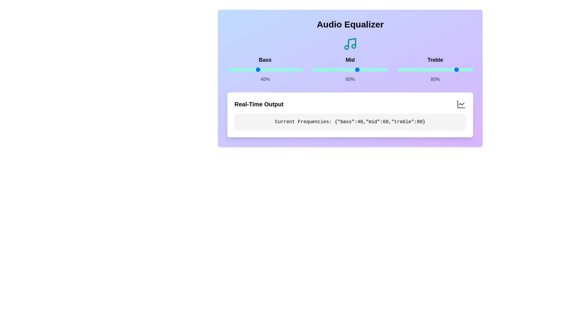 Image resolution: width=567 pixels, height=319 pixels. Describe the element at coordinates (461, 104) in the screenshot. I see `the icon representing the graphical visualization feature located in the bottom-right corner of the 'Real-Time Output' section` at that location.